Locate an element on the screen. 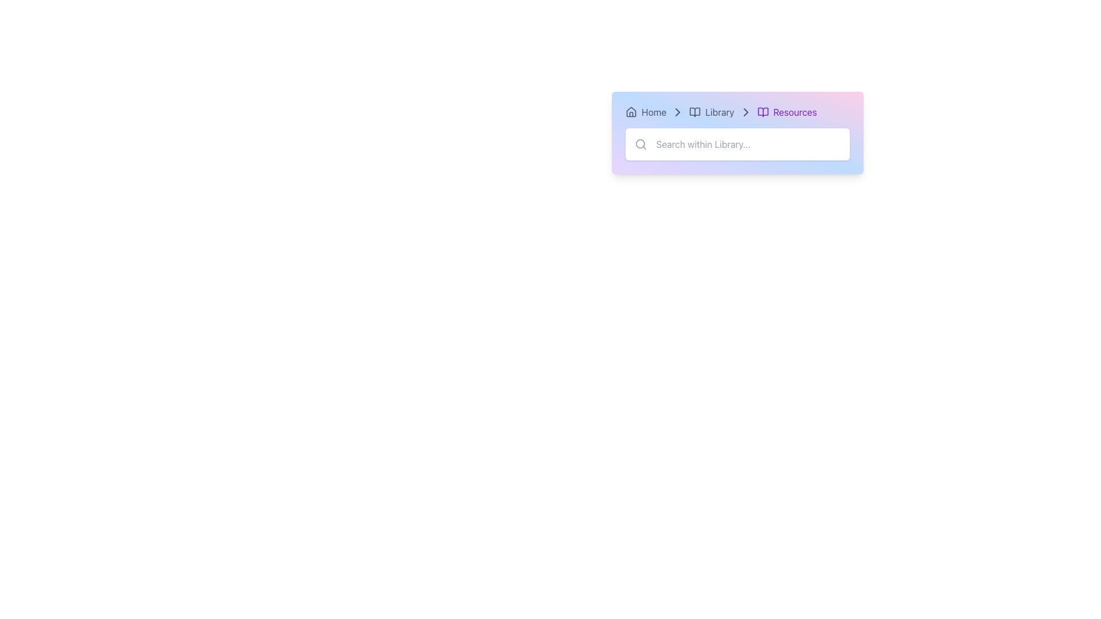 The height and width of the screenshot is (619, 1101). the arrow icon that serves as a separator in the breadcrumb navigation component, positioned between the 'Library' and 'Resources' labels is located at coordinates (678, 112).